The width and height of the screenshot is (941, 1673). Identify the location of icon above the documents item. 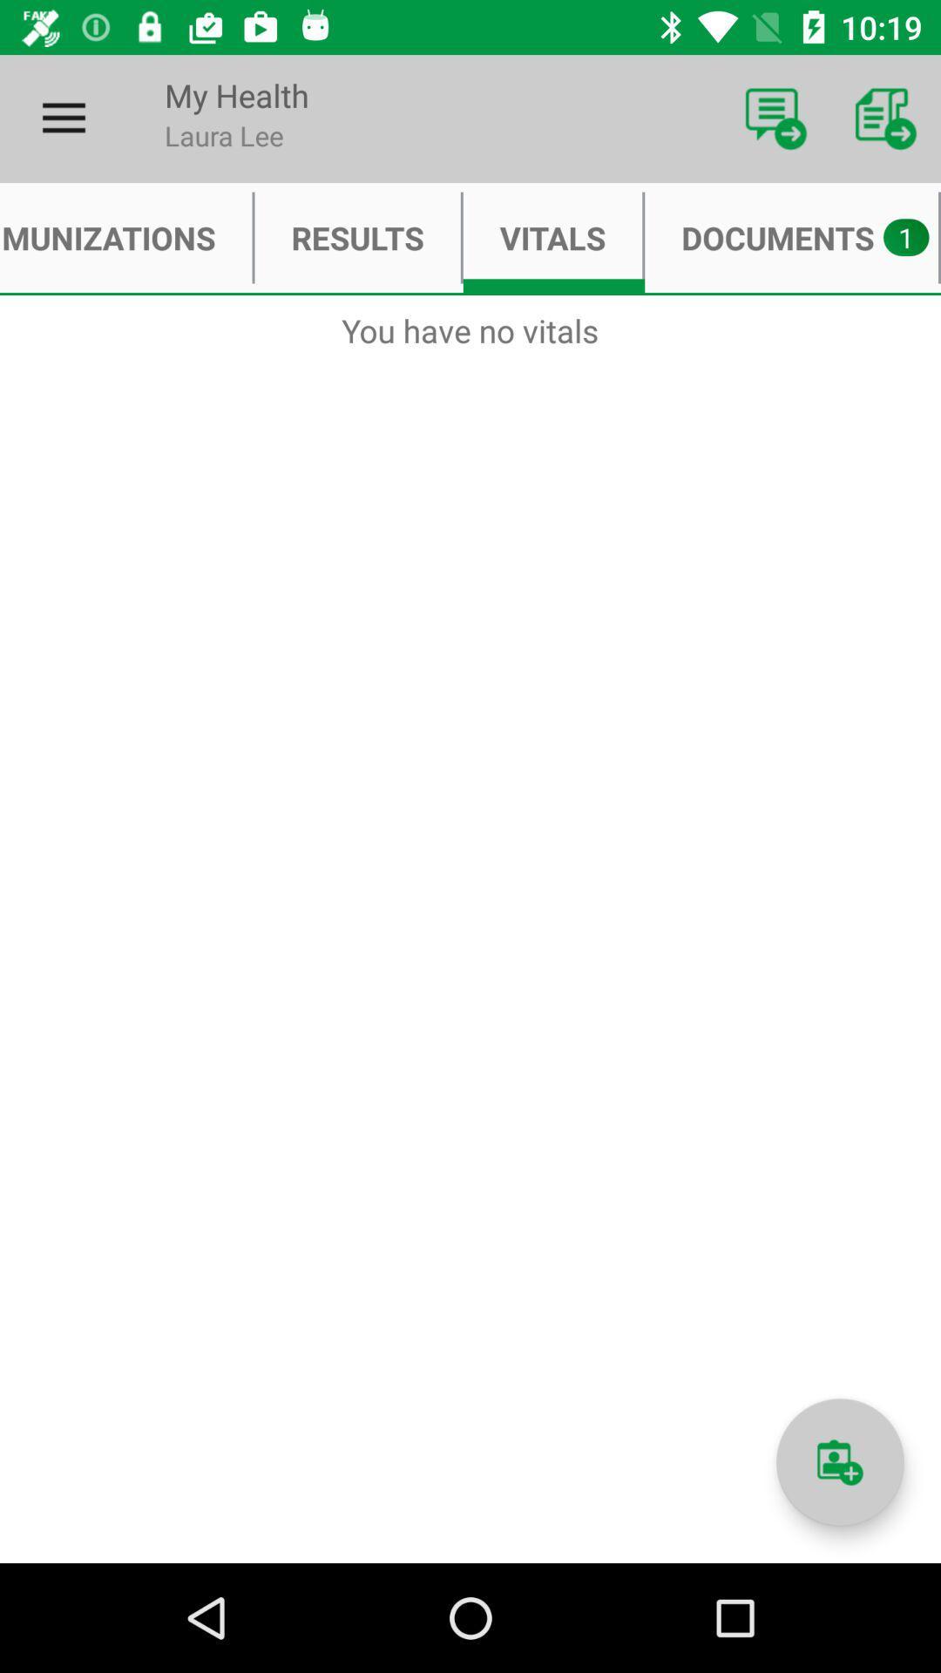
(775, 118).